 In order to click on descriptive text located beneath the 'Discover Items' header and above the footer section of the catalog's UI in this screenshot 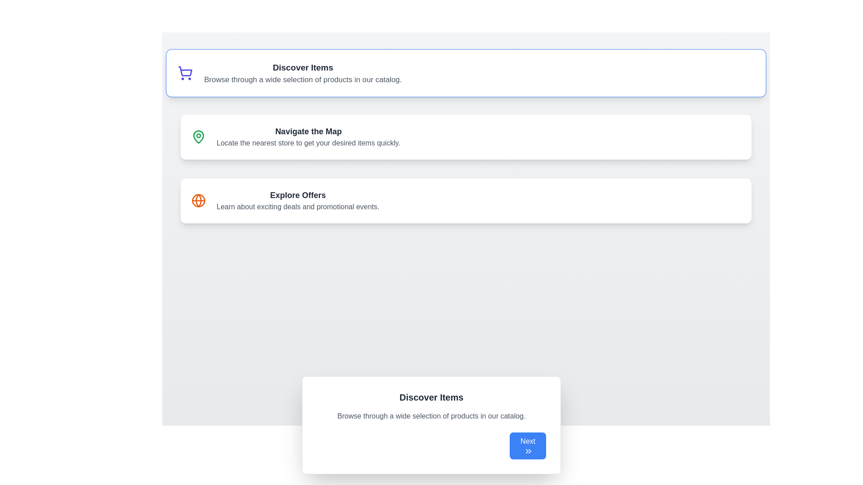, I will do `click(431, 416)`.